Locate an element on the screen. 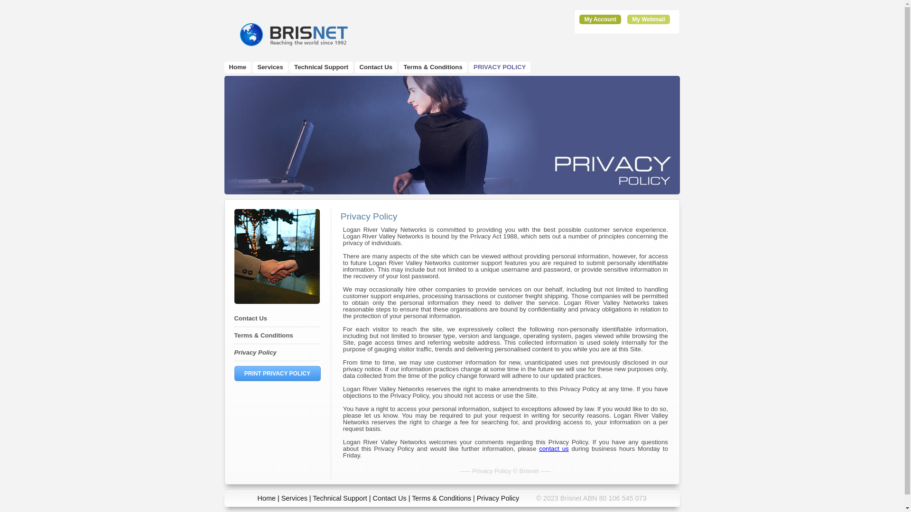 This screenshot has height=512, width=911. 'PRINT PRIVACY POLICY' is located at coordinates (277, 373).